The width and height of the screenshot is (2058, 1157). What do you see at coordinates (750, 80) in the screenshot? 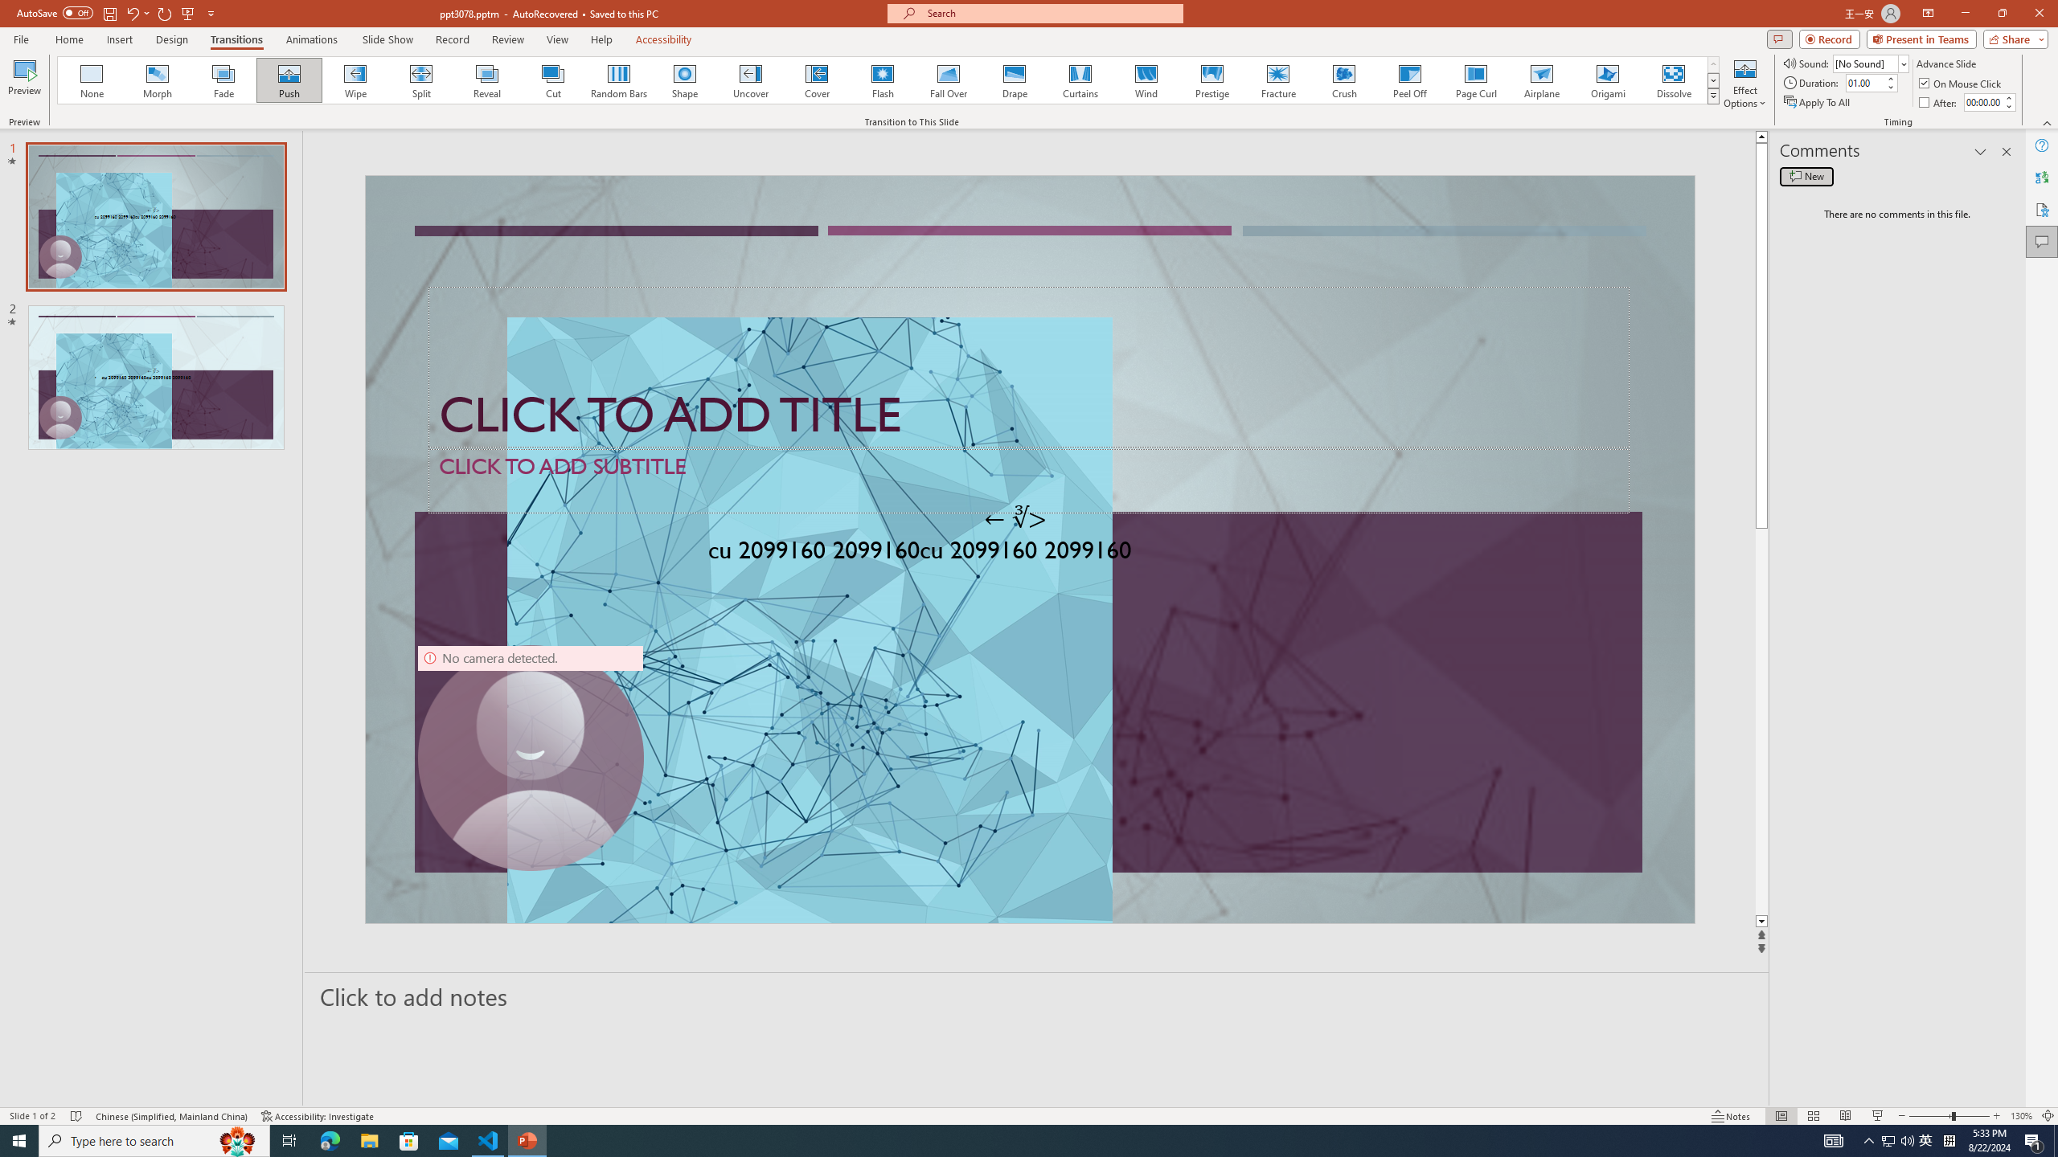
I see `'Uncover'` at bounding box center [750, 80].